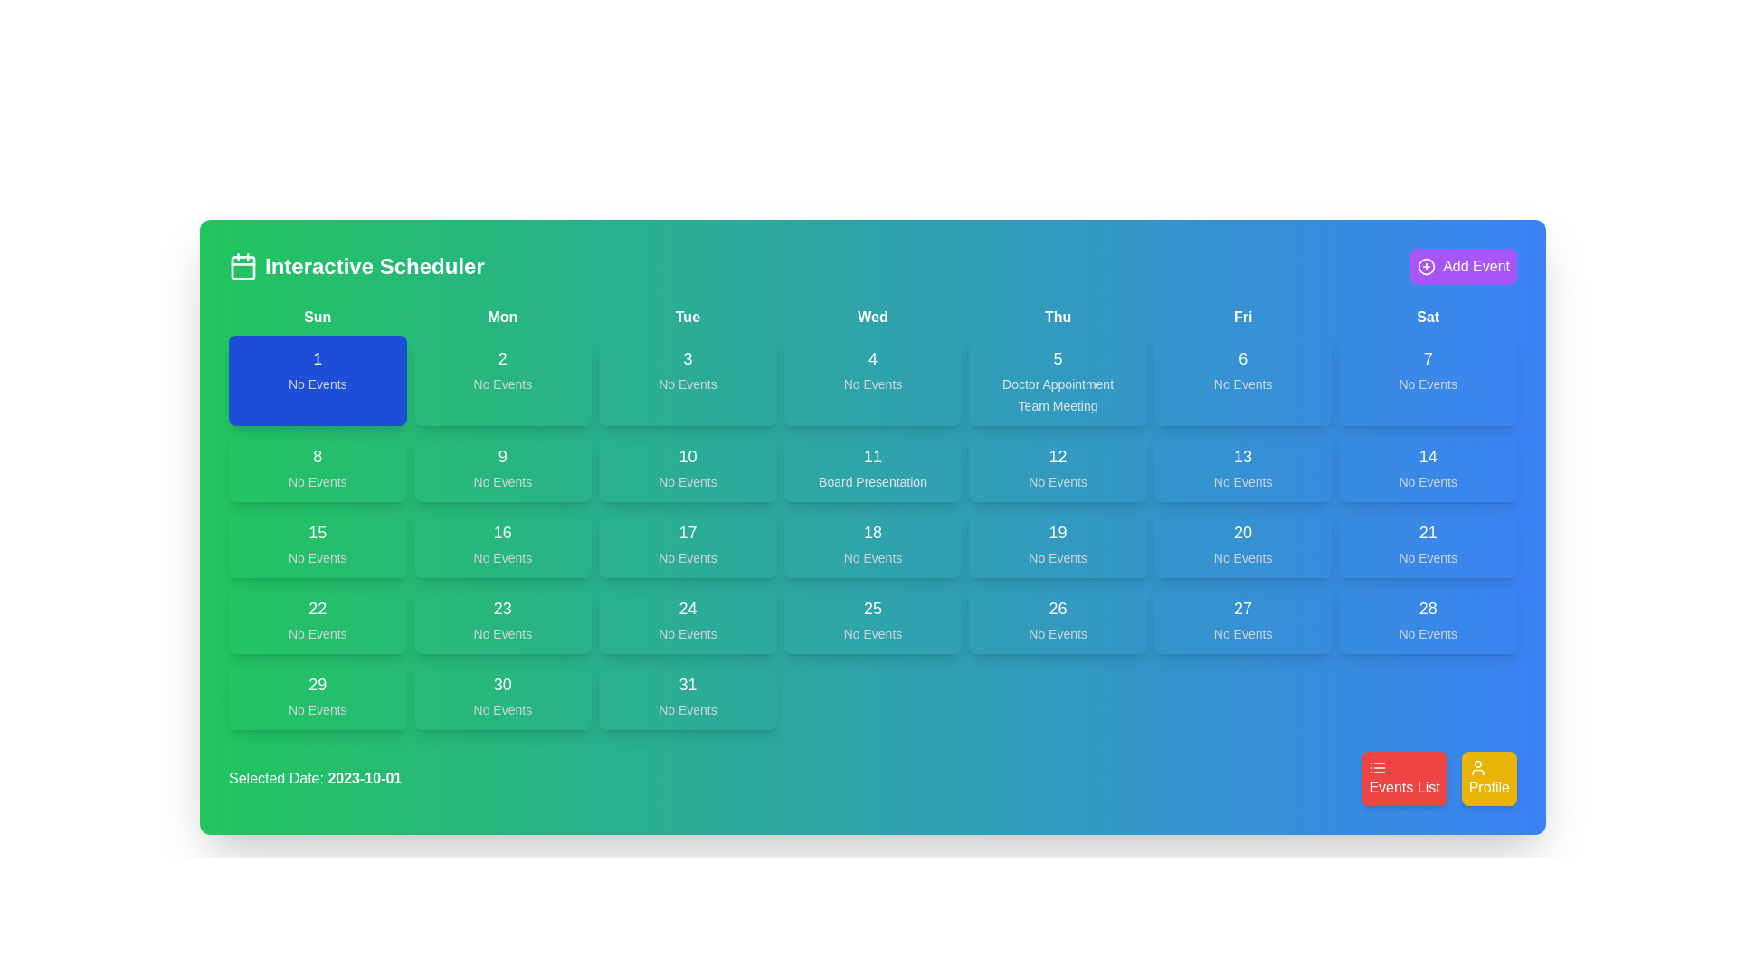  What do you see at coordinates (1058, 633) in the screenshot?
I see `the static text indicator that informs users of no scheduled events for the 26th day of the month, located under the bold number '26' in the calendar interface` at bounding box center [1058, 633].